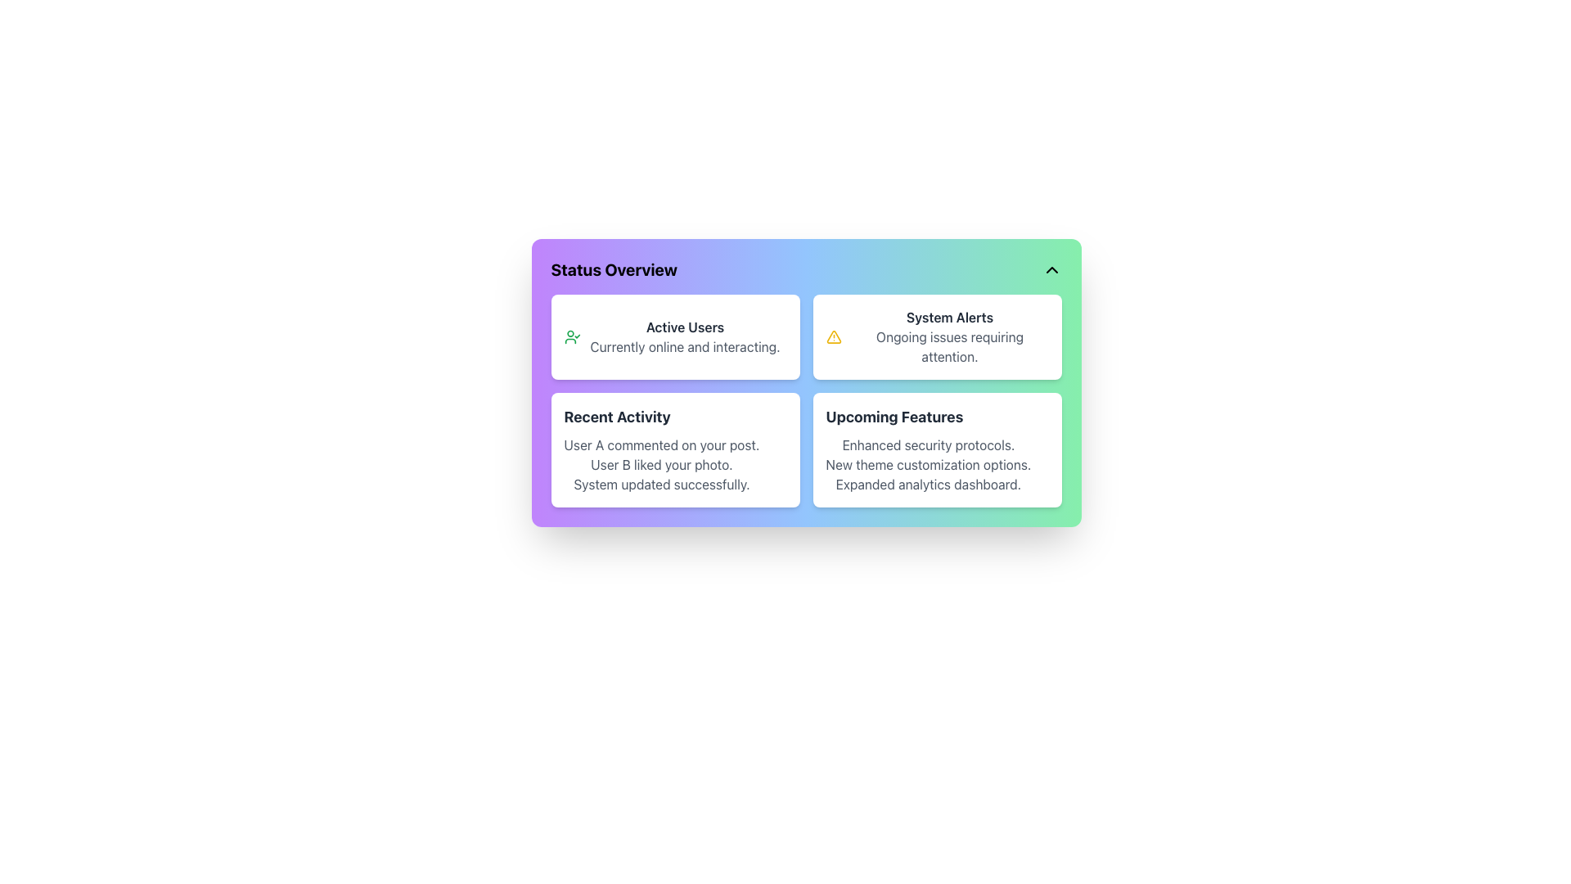  What do you see at coordinates (833, 336) in the screenshot?
I see `the warning icon located in the 'System Alerts' section of the second card from the top-left in the grid layout, positioned to the left of the section title and description` at bounding box center [833, 336].